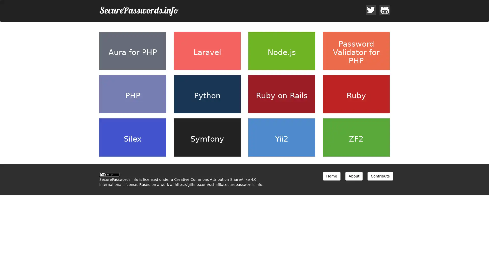  I want to click on Ruby on Rails, so click(281, 94).